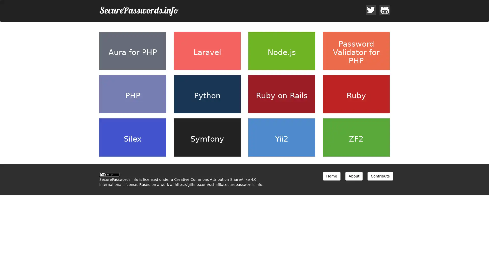  I want to click on Ruby on Rails, so click(281, 94).